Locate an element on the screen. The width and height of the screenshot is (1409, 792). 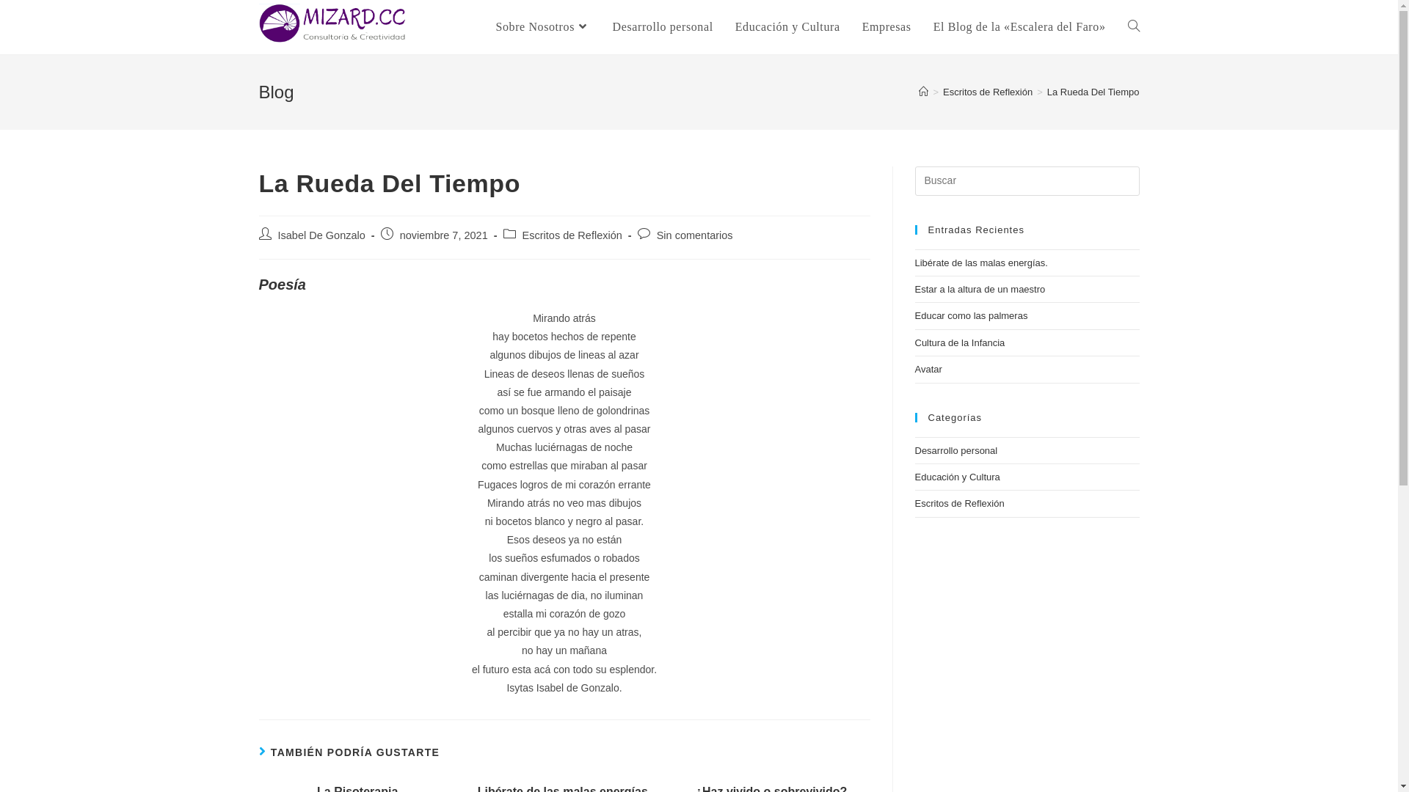
'La Rueda Del Tiempo' is located at coordinates (1093, 92).